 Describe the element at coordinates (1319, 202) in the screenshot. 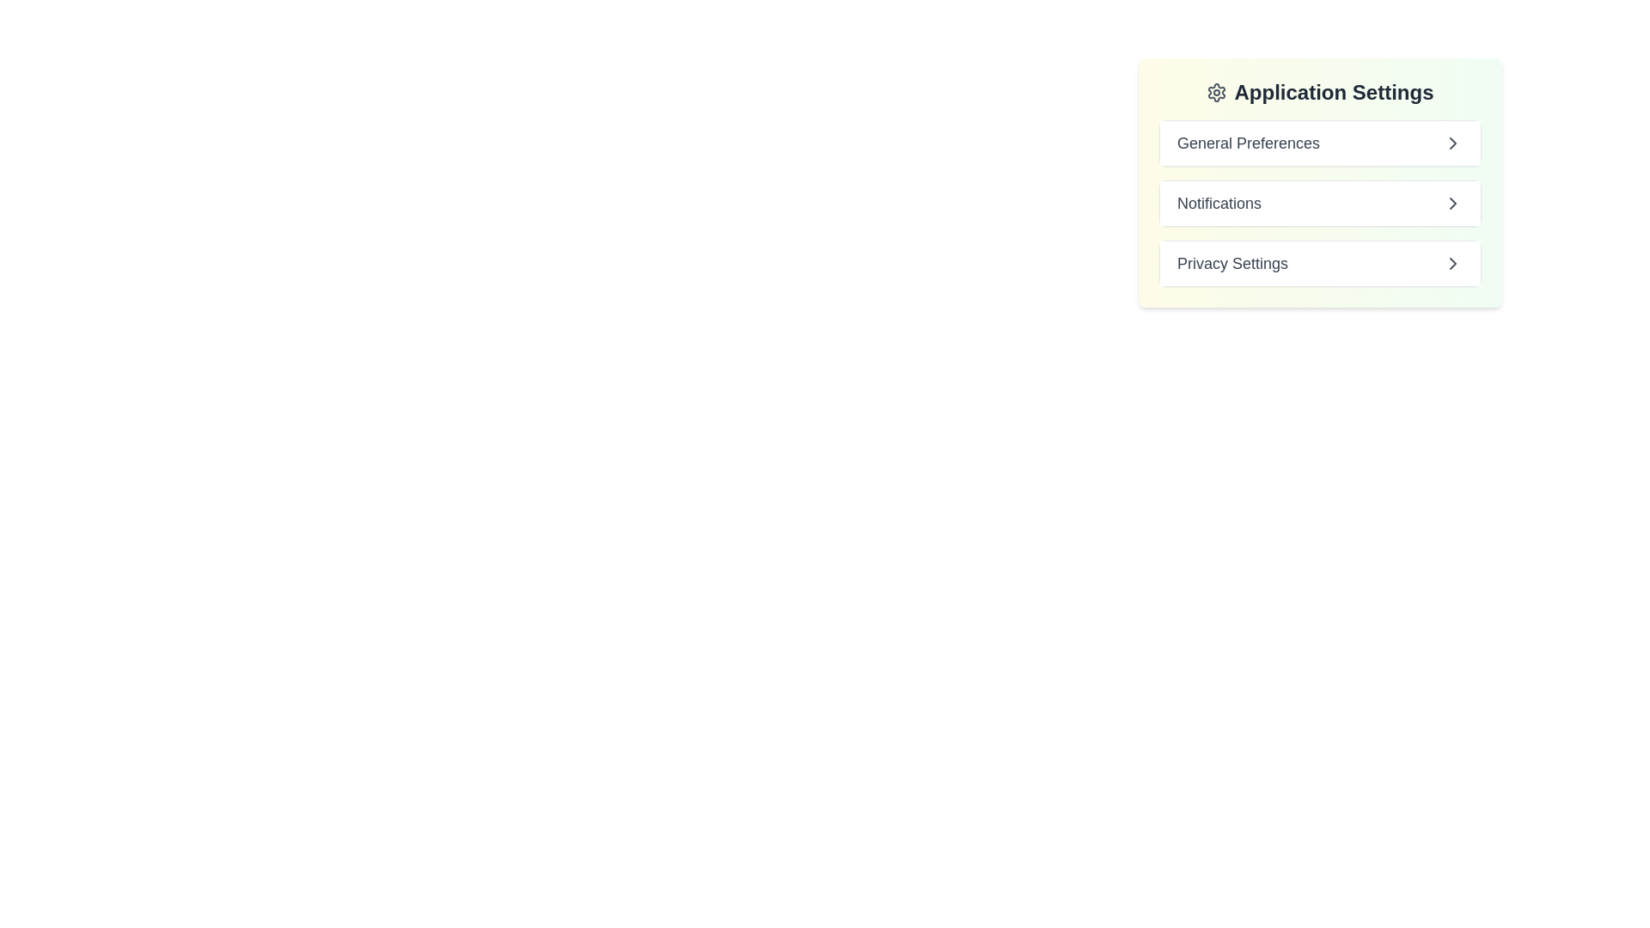

I see `the second button-like list item under the 'Application Settings' section` at that location.